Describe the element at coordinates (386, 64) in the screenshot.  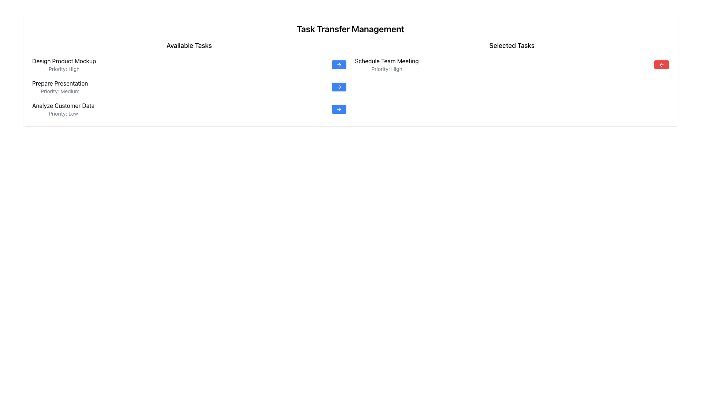
I see `the 'Schedule Team Meeting' text component, which displays 'Priority: High' as a subtitle` at that location.